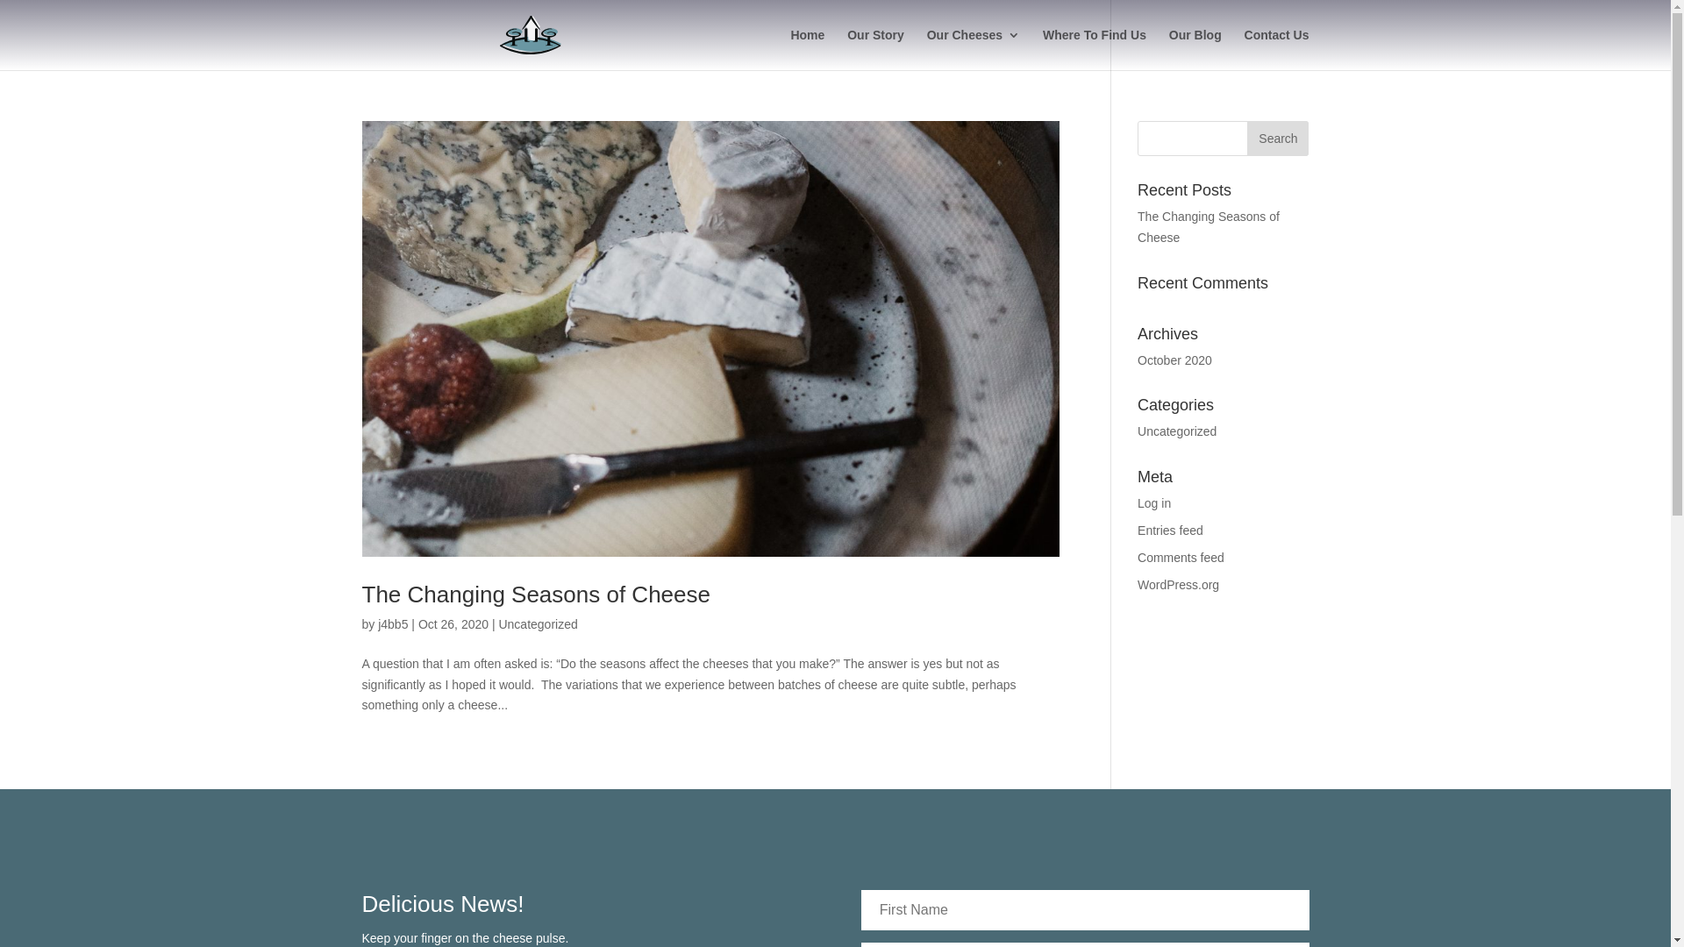 This screenshot has height=947, width=1684. I want to click on 'Search', so click(1278, 138).